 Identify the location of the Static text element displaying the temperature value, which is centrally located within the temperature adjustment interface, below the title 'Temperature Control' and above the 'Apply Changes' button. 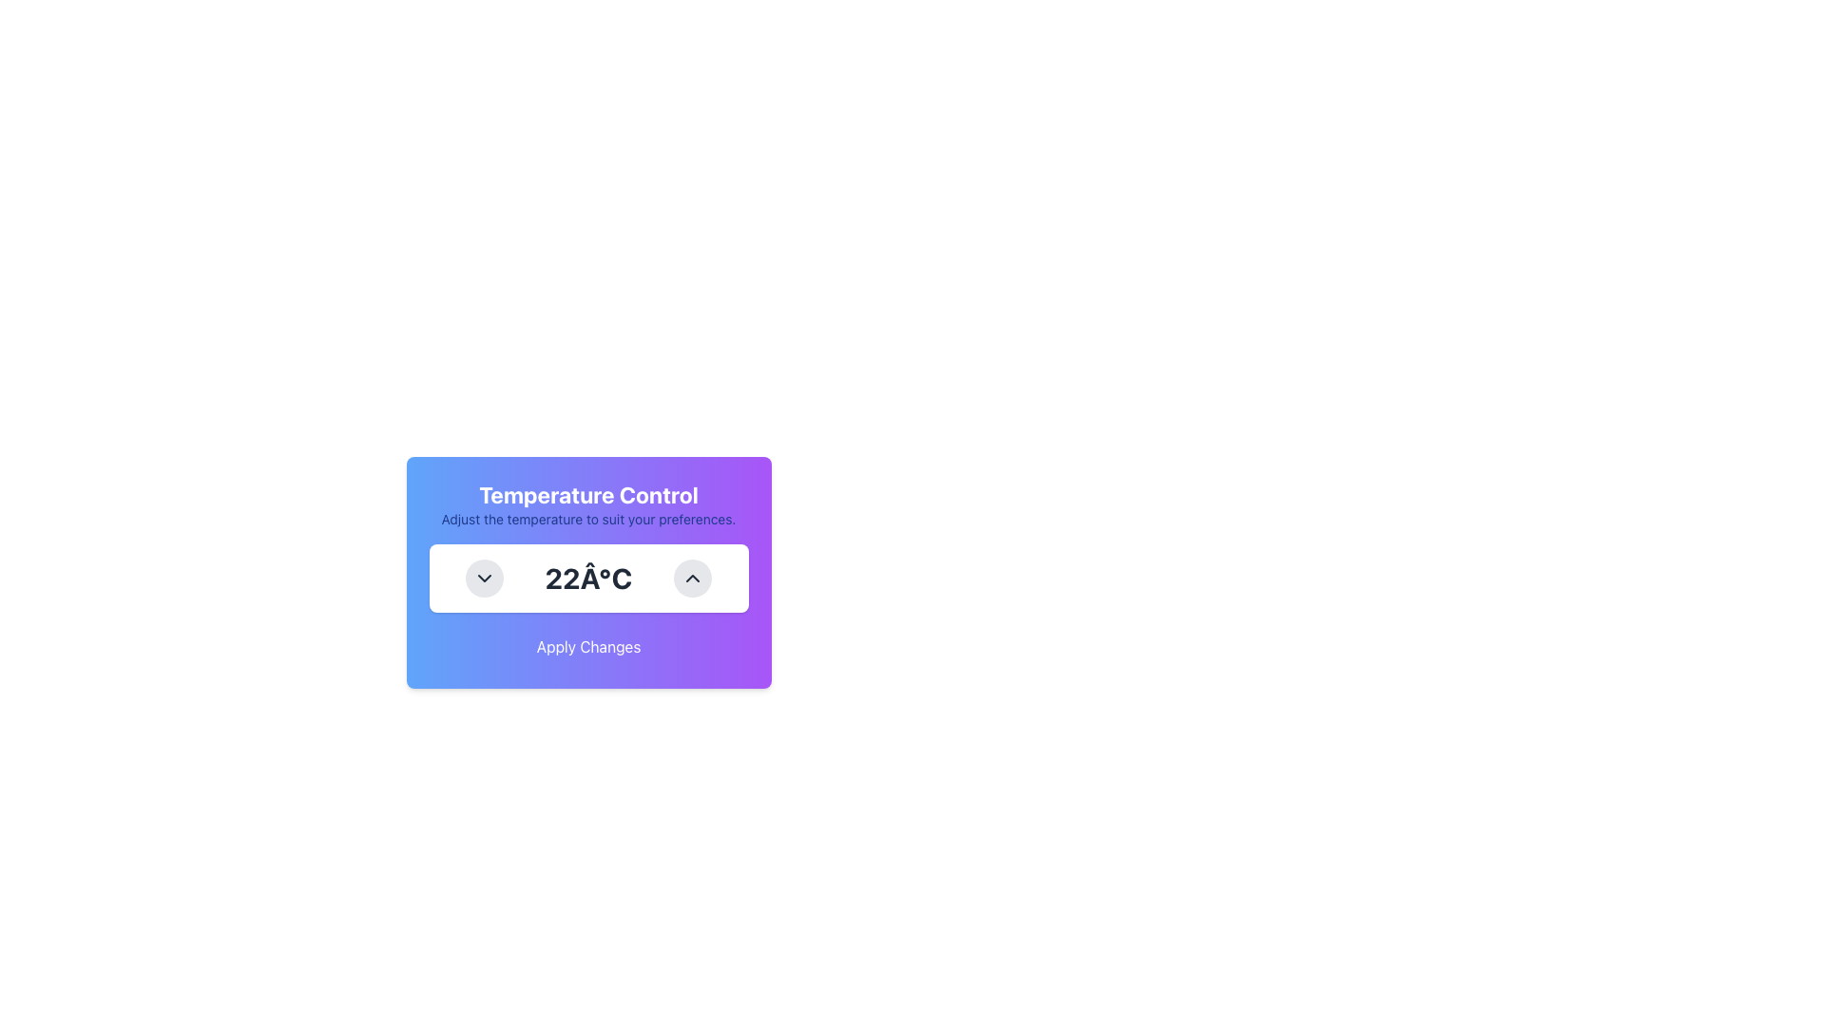
(587, 578).